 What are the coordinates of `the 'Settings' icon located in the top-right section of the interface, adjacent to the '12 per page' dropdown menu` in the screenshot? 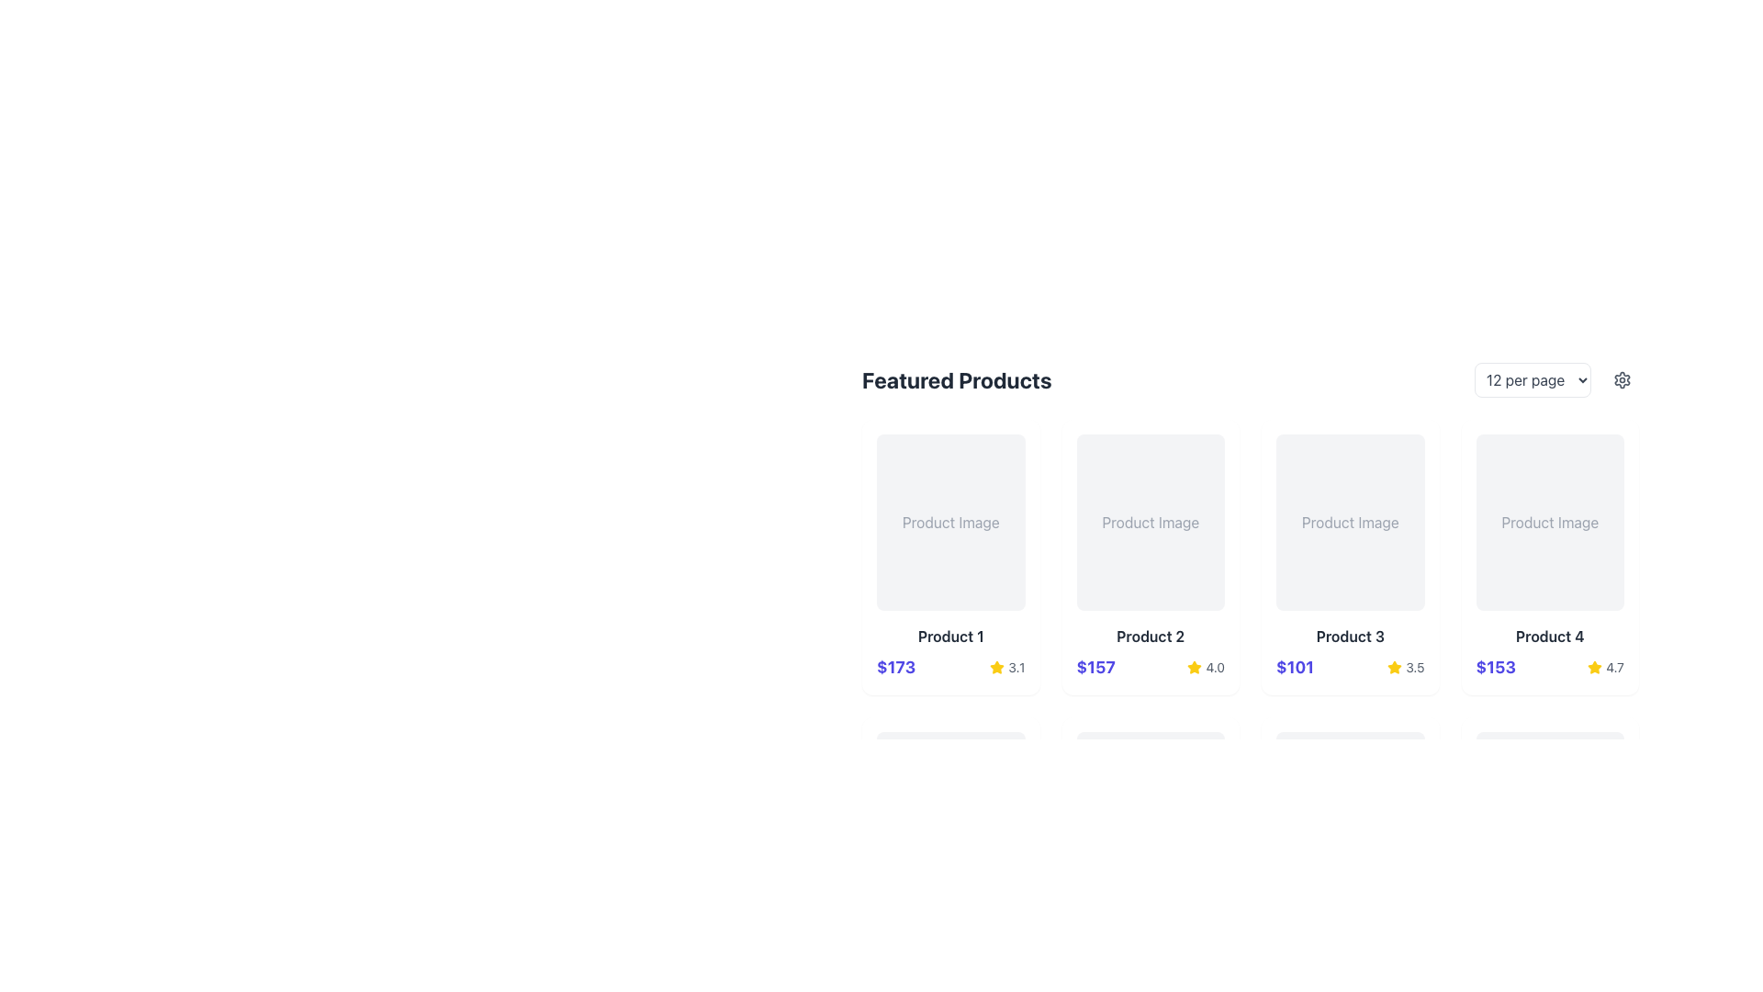 It's located at (1622, 378).